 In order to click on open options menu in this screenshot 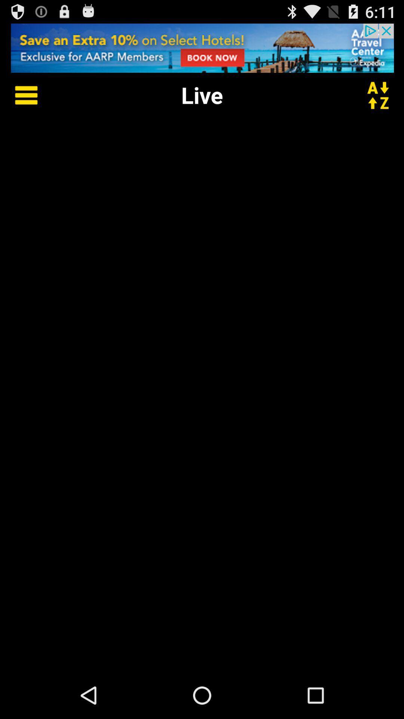, I will do `click(21, 94)`.